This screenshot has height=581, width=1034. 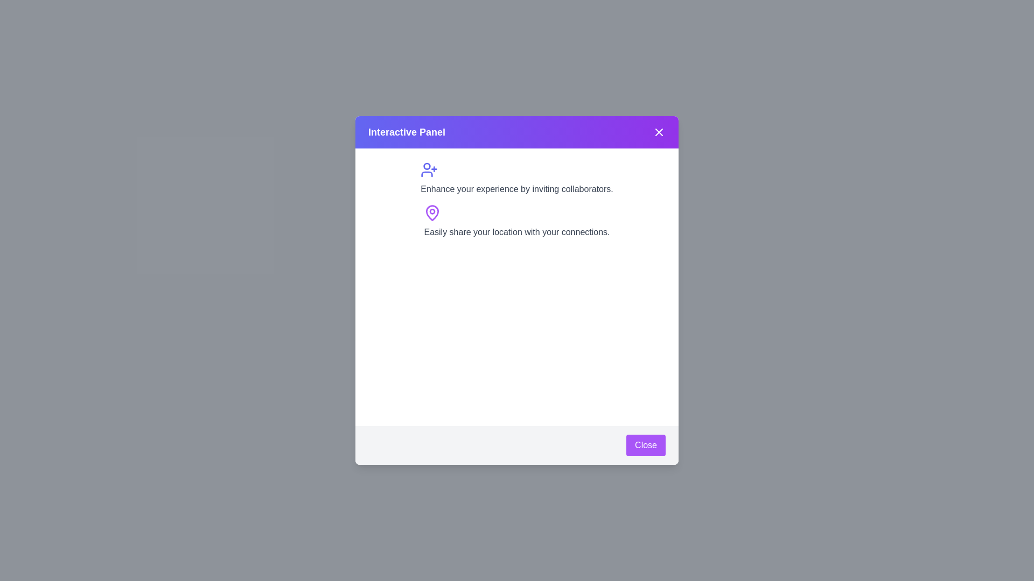 What do you see at coordinates (432, 213) in the screenshot?
I see `the purple map pin icon located between the texts 'Enhance your experience by inviting collaborators' and 'Easily share your location with your connections'` at bounding box center [432, 213].